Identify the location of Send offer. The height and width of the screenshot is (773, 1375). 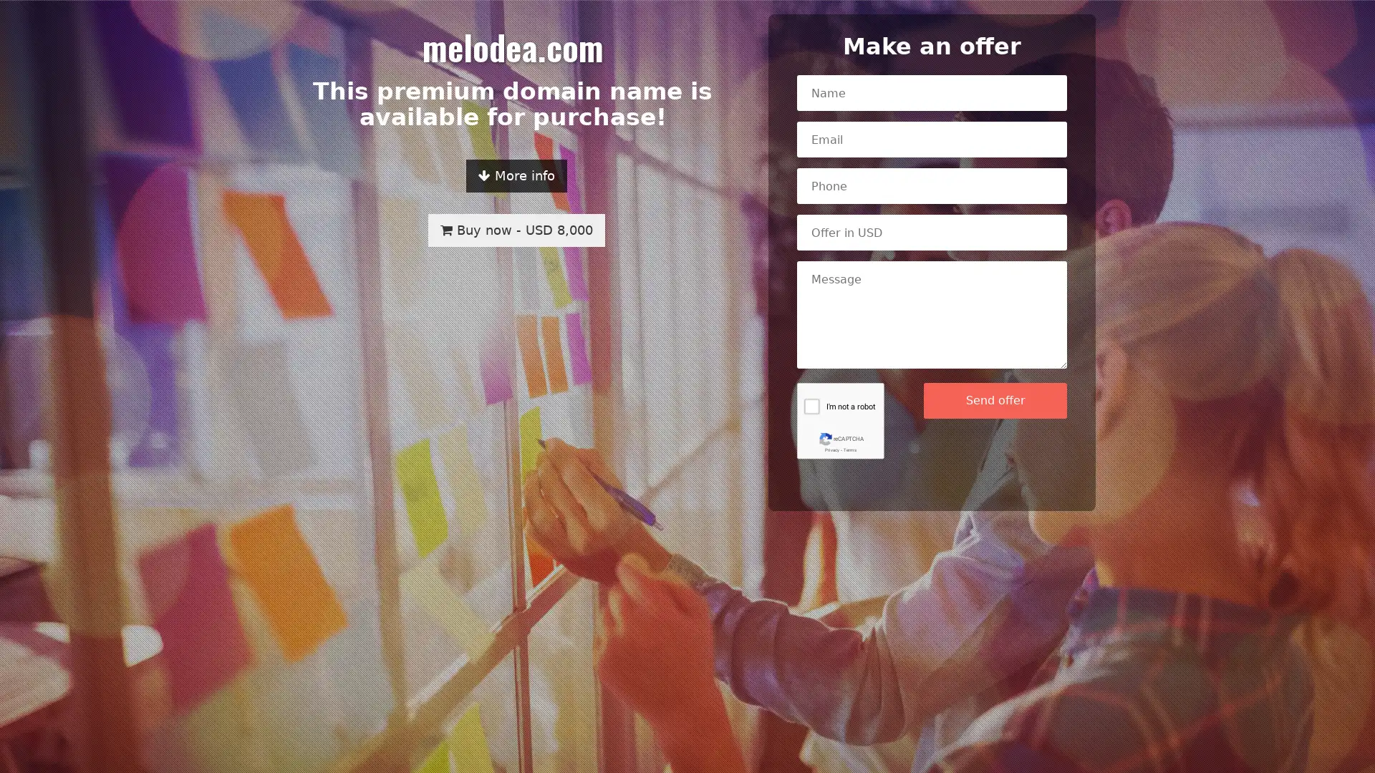
(995, 400).